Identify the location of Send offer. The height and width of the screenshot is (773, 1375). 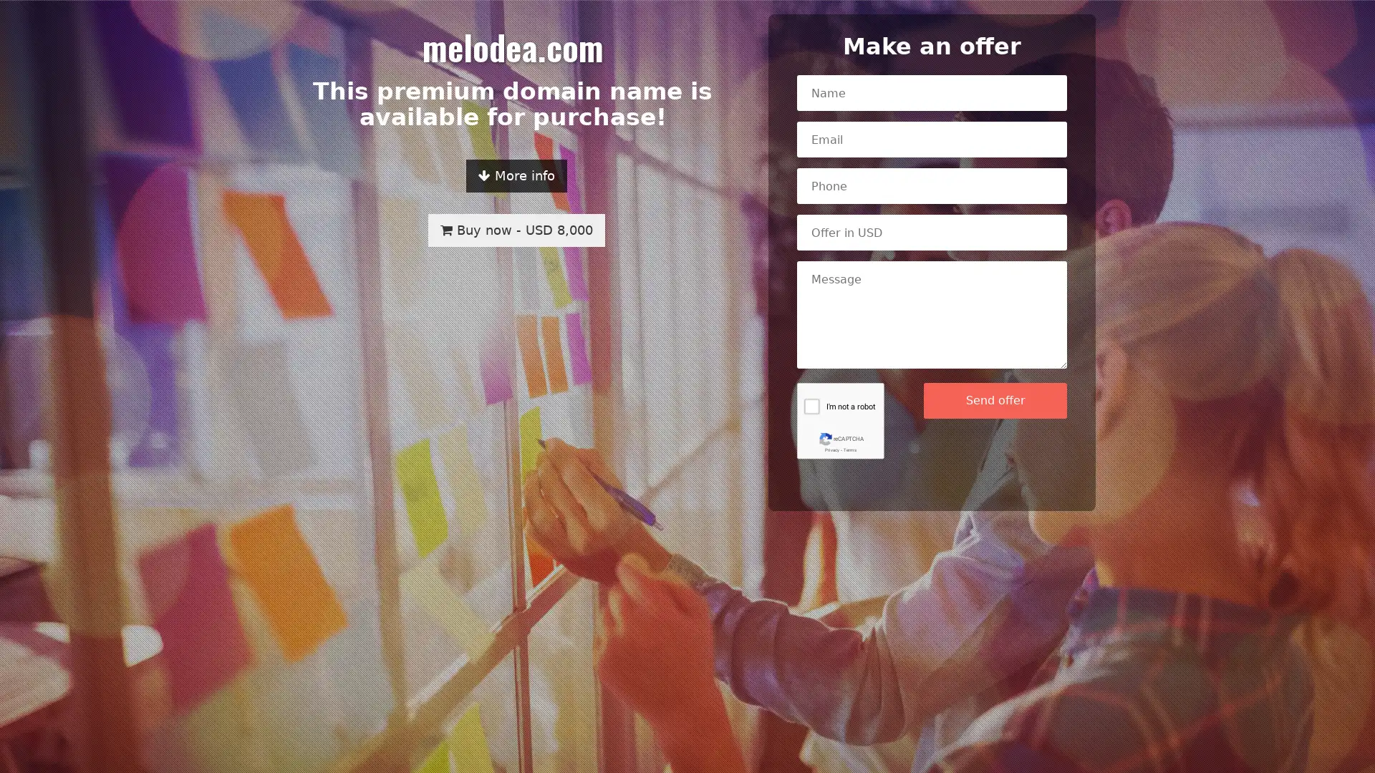
(995, 400).